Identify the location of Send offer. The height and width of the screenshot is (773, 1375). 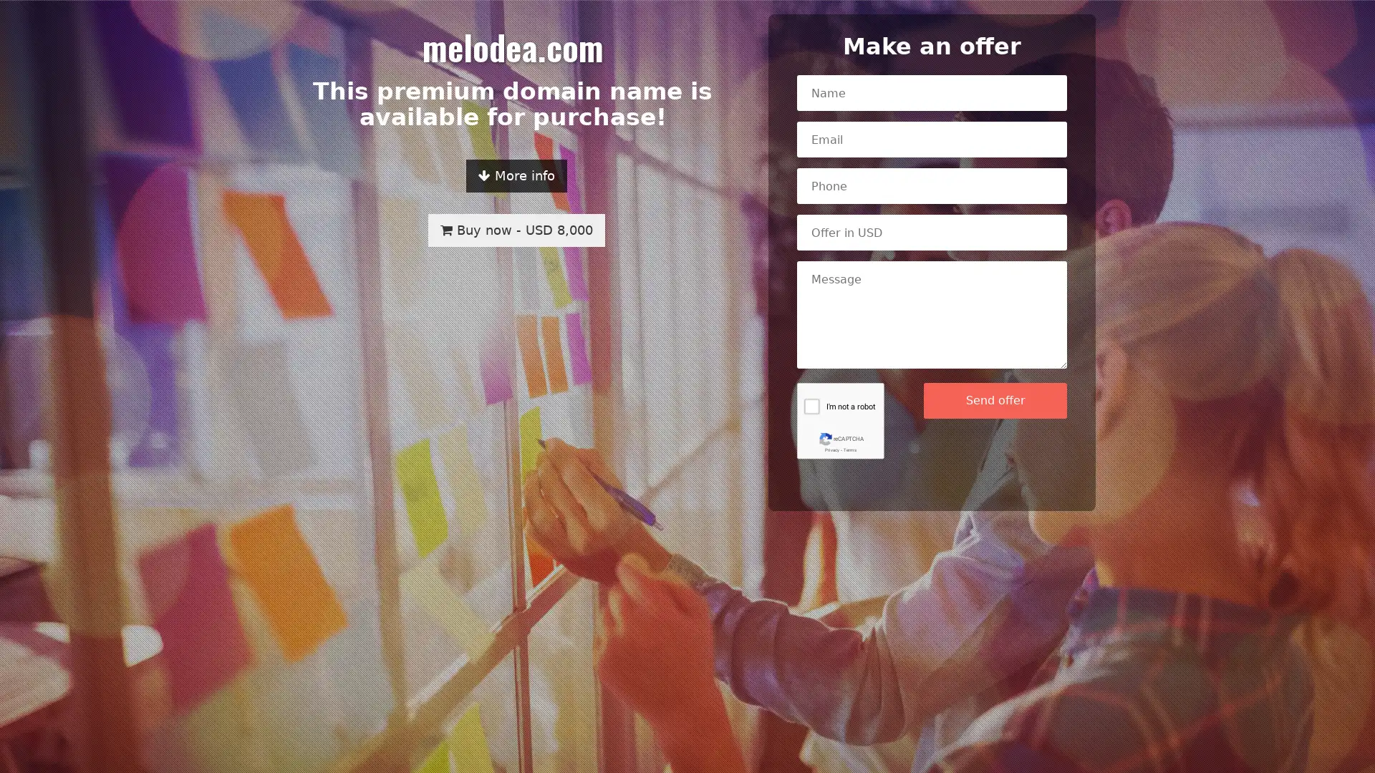
(995, 400).